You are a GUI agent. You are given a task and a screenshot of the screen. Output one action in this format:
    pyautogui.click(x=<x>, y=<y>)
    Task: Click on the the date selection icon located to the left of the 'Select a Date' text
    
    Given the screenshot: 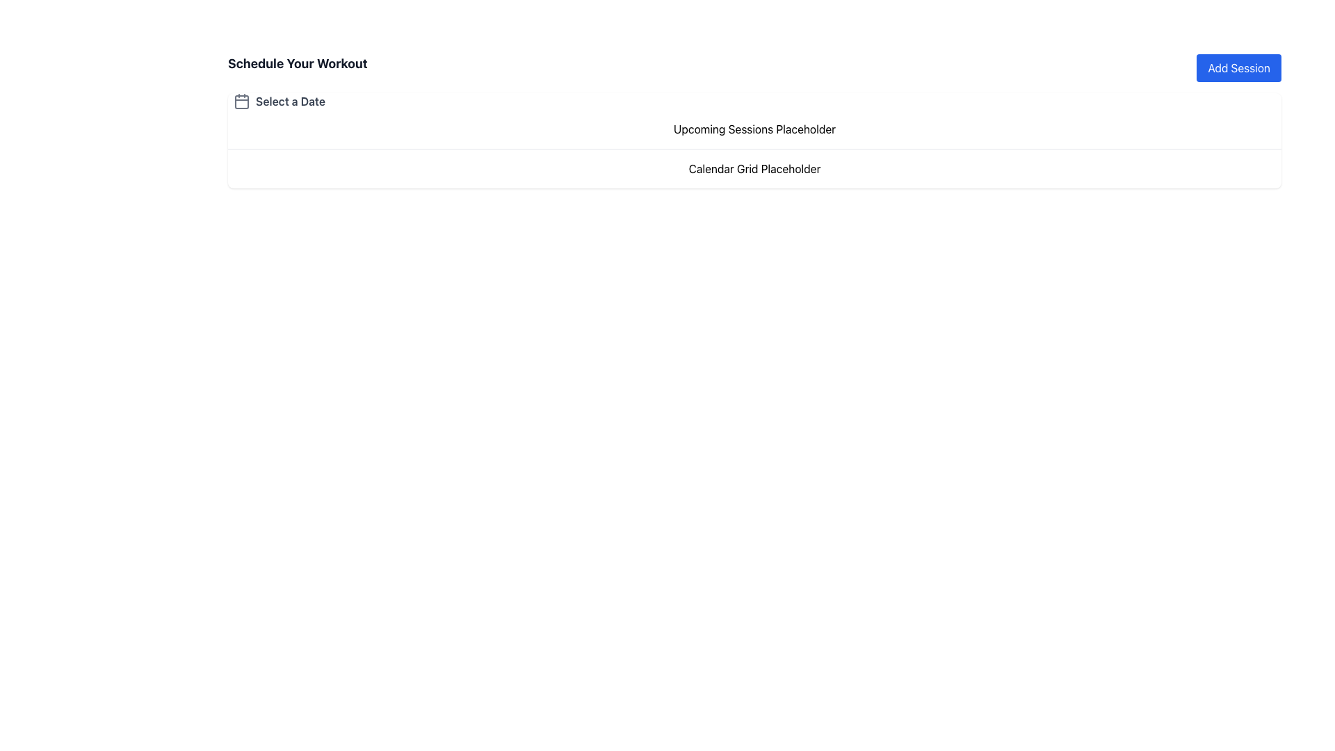 What is the action you would take?
    pyautogui.click(x=241, y=101)
    